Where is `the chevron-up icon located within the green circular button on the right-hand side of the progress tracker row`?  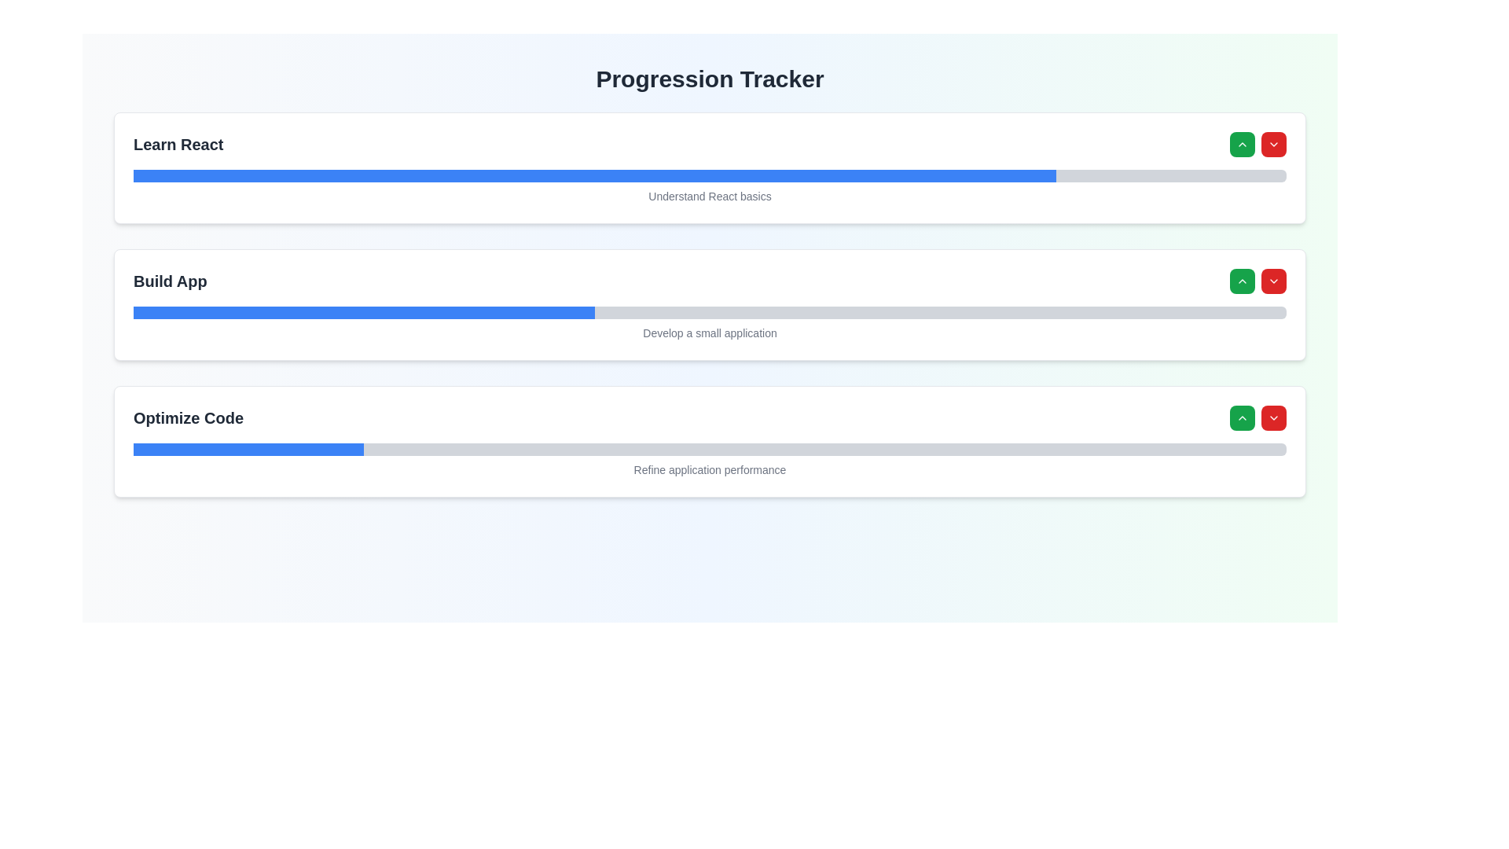
the chevron-up icon located within the green circular button on the right-hand side of the progress tracker row is located at coordinates (1241, 281).